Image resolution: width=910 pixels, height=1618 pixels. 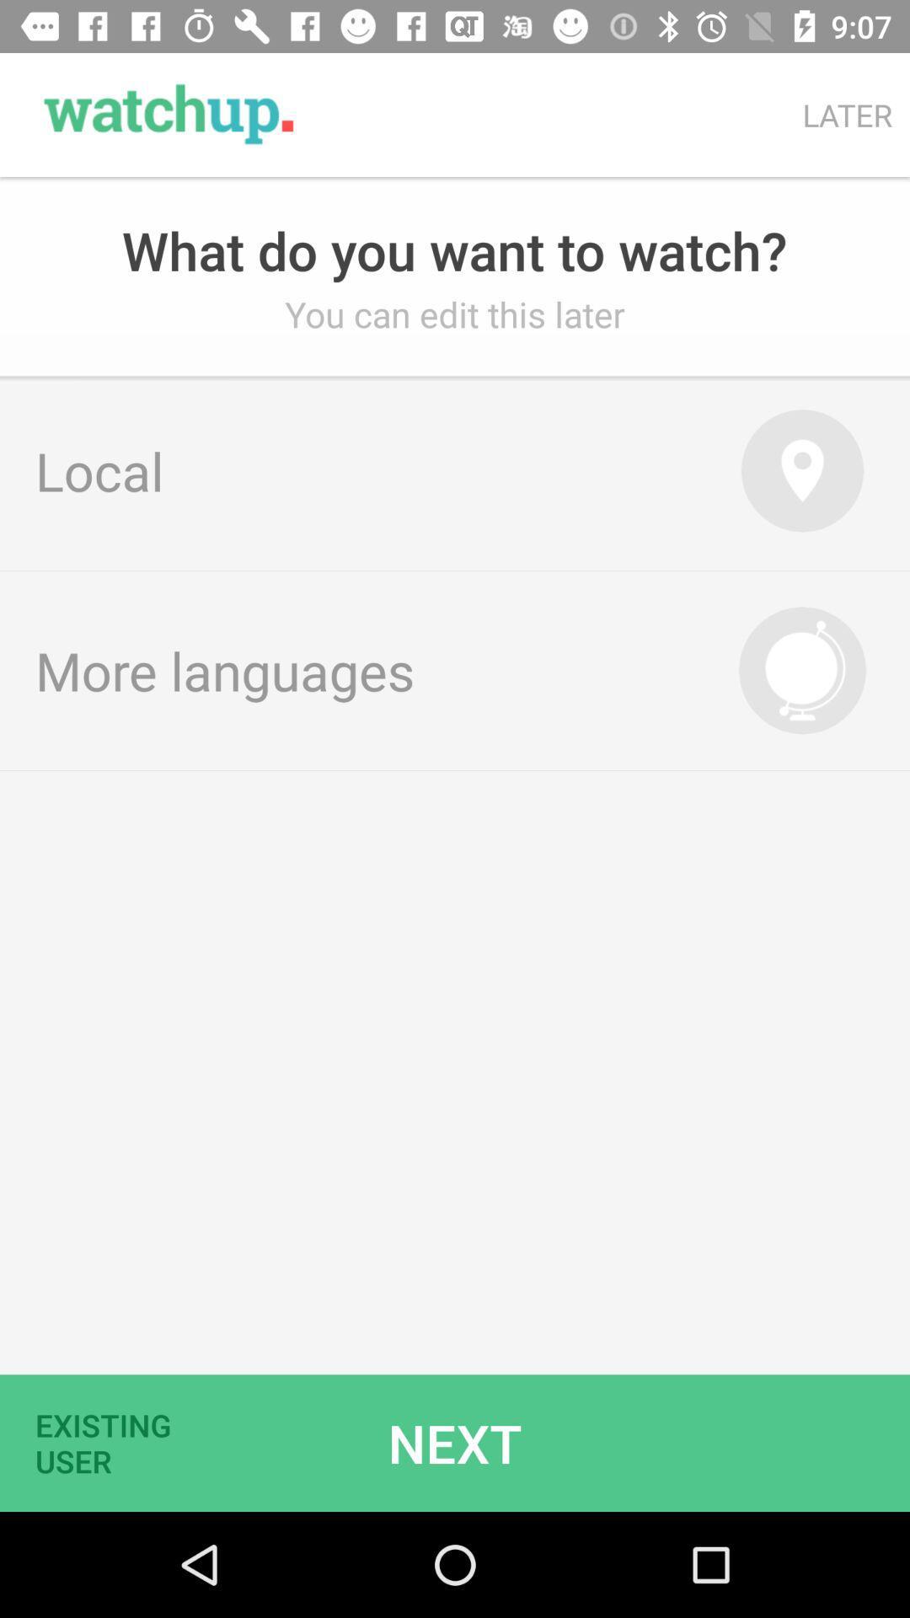 What do you see at coordinates (114, 1442) in the screenshot?
I see `icon below the more languages` at bounding box center [114, 1442].